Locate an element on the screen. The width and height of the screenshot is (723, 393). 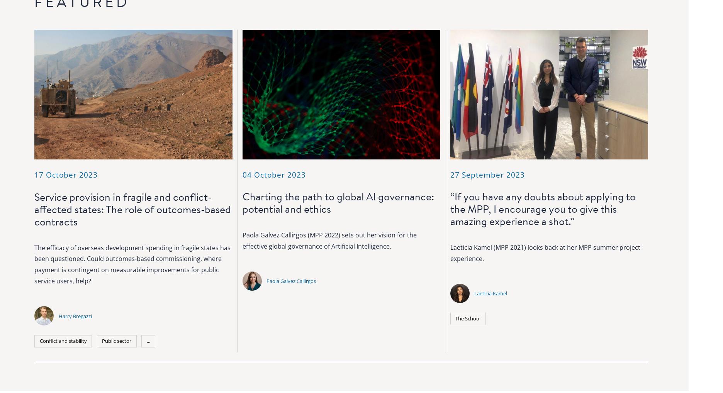
'OX2 6GG' is located at coordinates (47, 293).